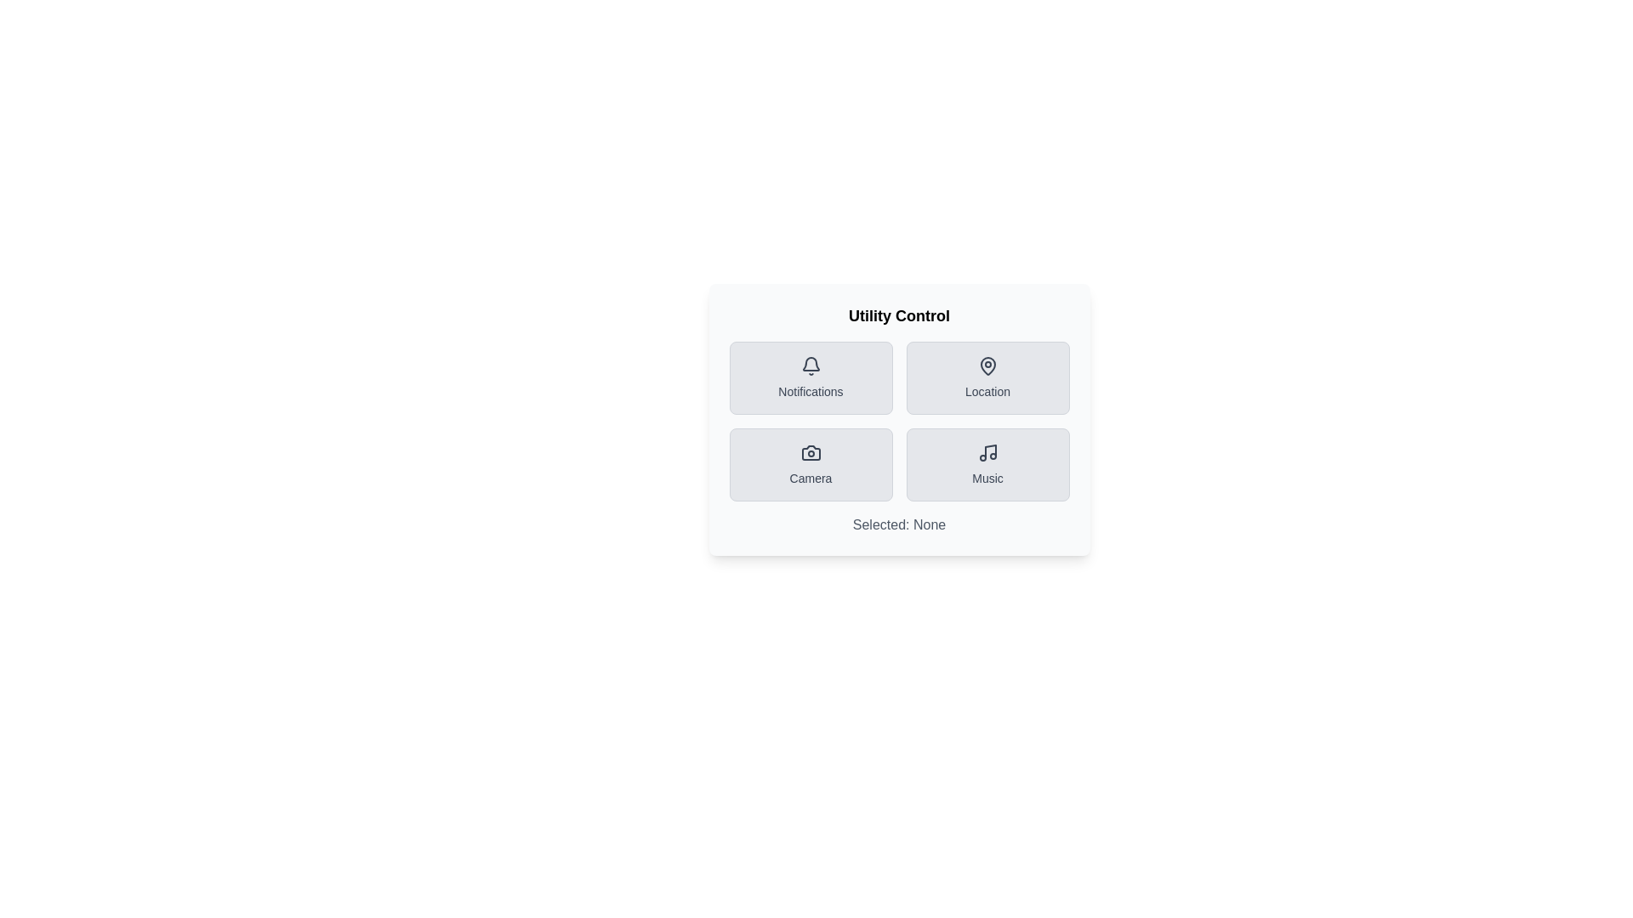  I want to click on the Music button to view its hover effect, so click(987, 465).